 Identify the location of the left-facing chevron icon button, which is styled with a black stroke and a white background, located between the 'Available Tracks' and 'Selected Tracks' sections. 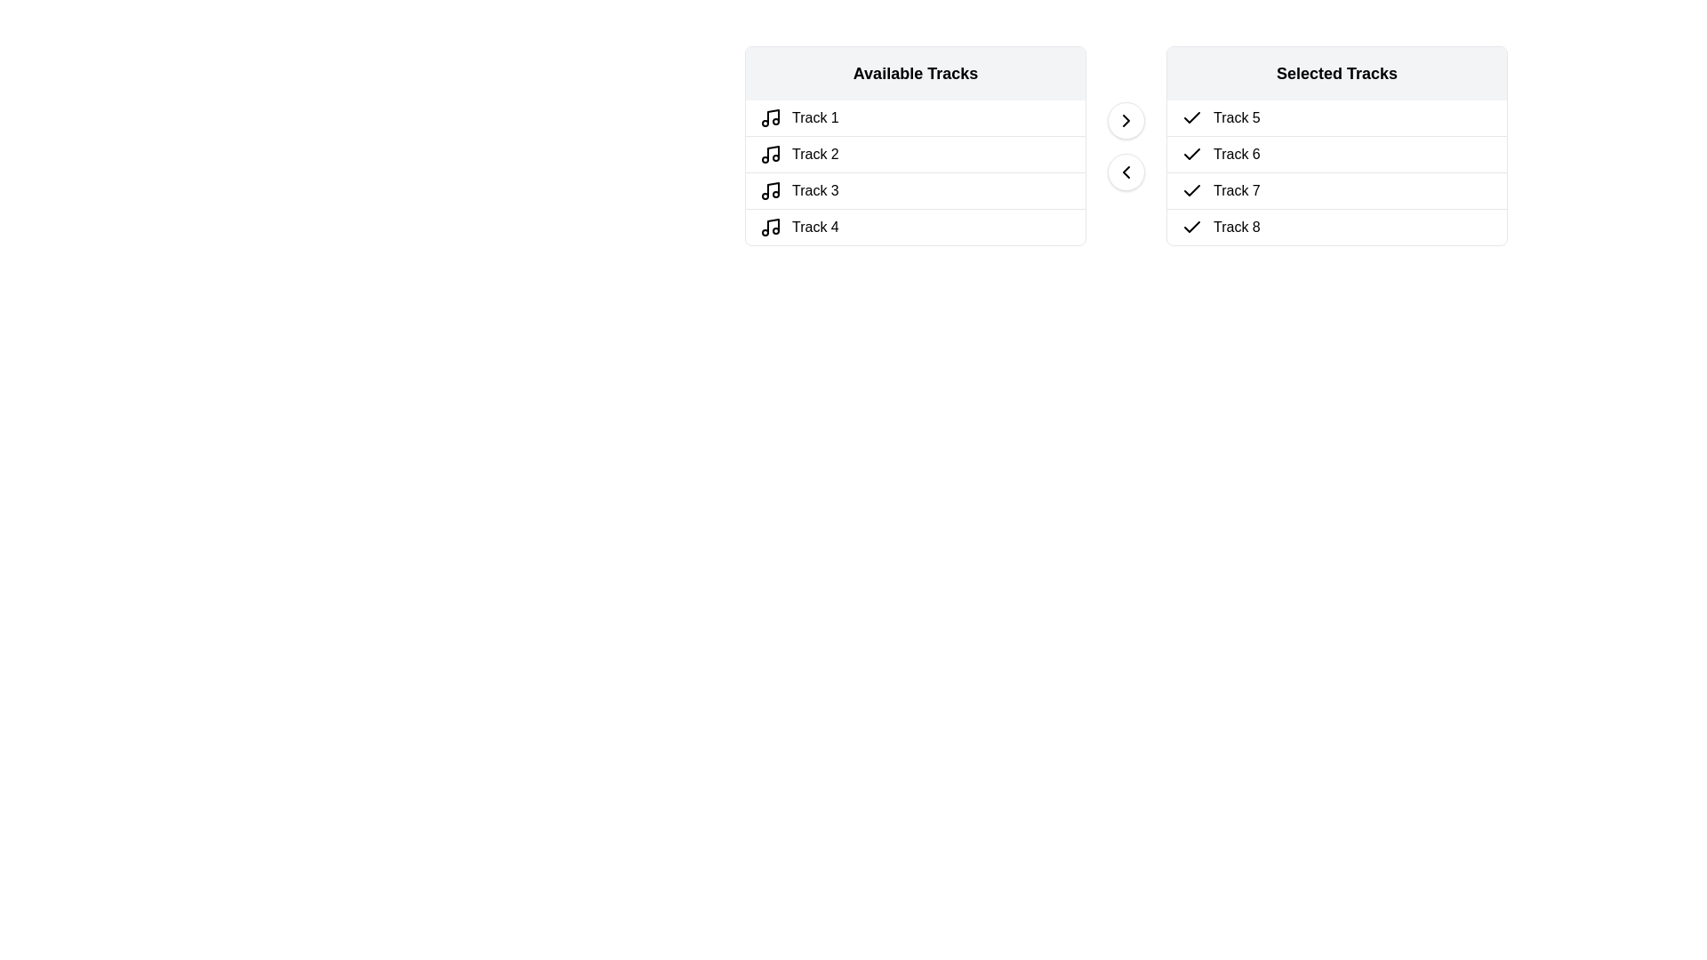
(1126, 172).